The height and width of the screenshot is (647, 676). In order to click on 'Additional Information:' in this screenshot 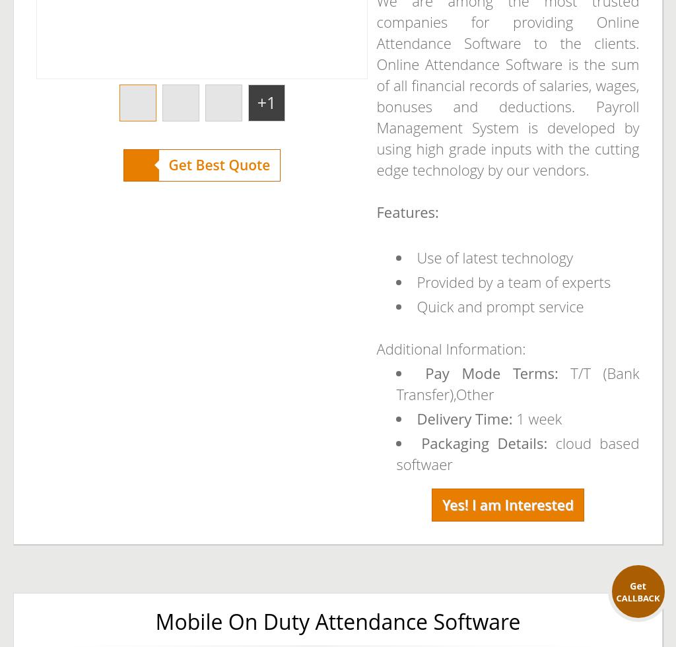, I will do `click(451, 349)`.